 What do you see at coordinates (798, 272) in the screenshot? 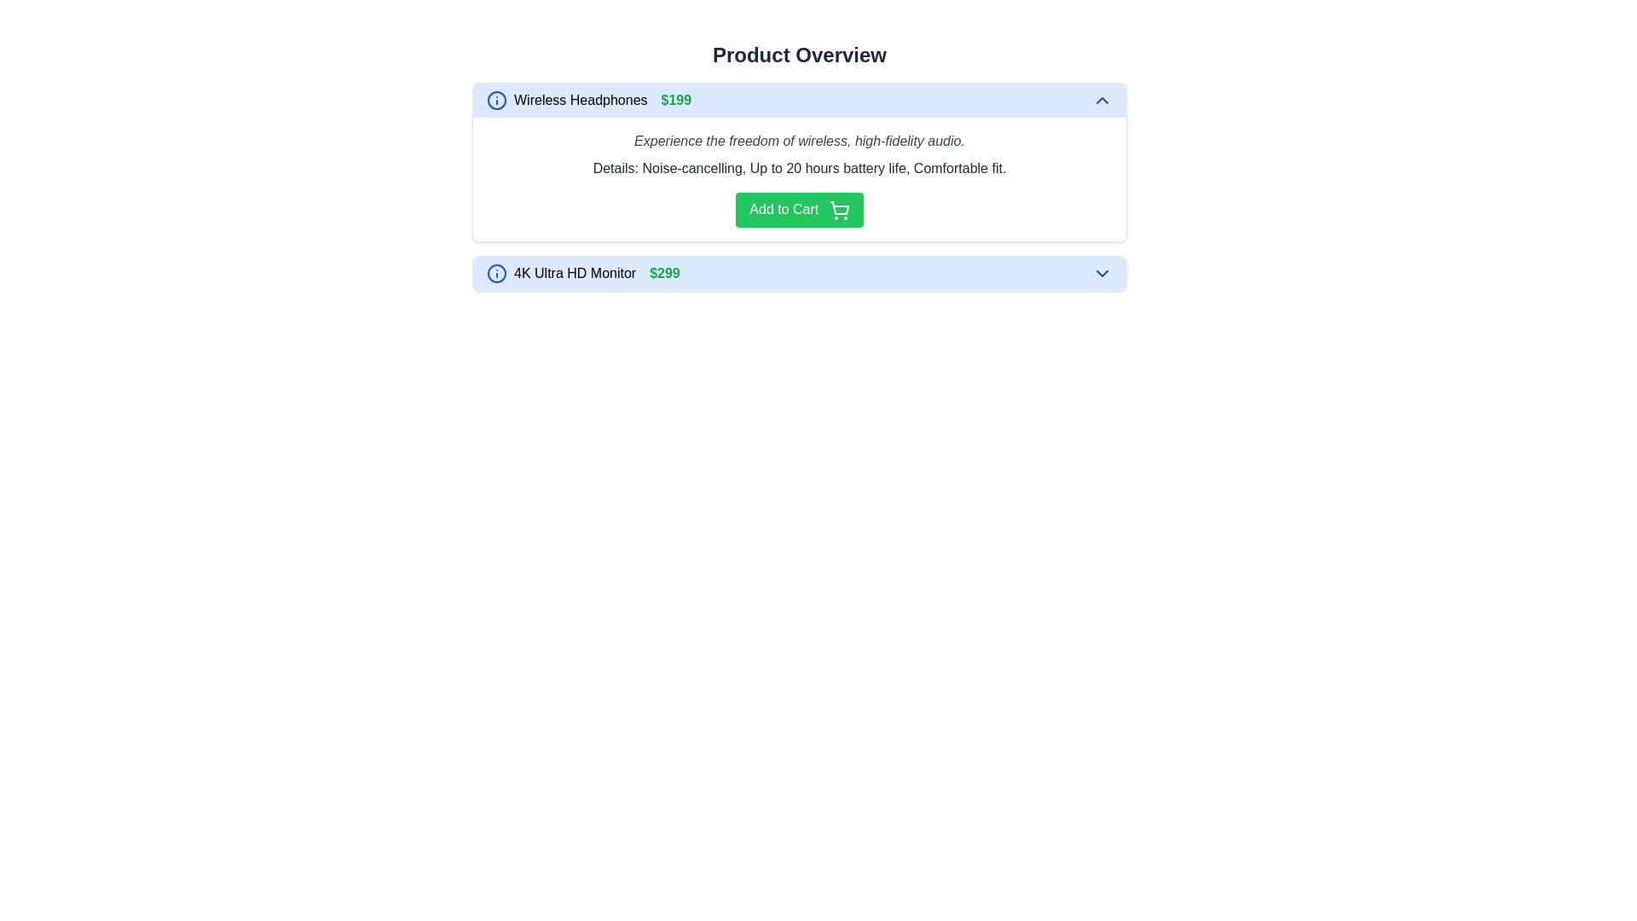
I see `the second expandable list item for the 4K Ultra HD Monitor` at bounding box center [798, 272].